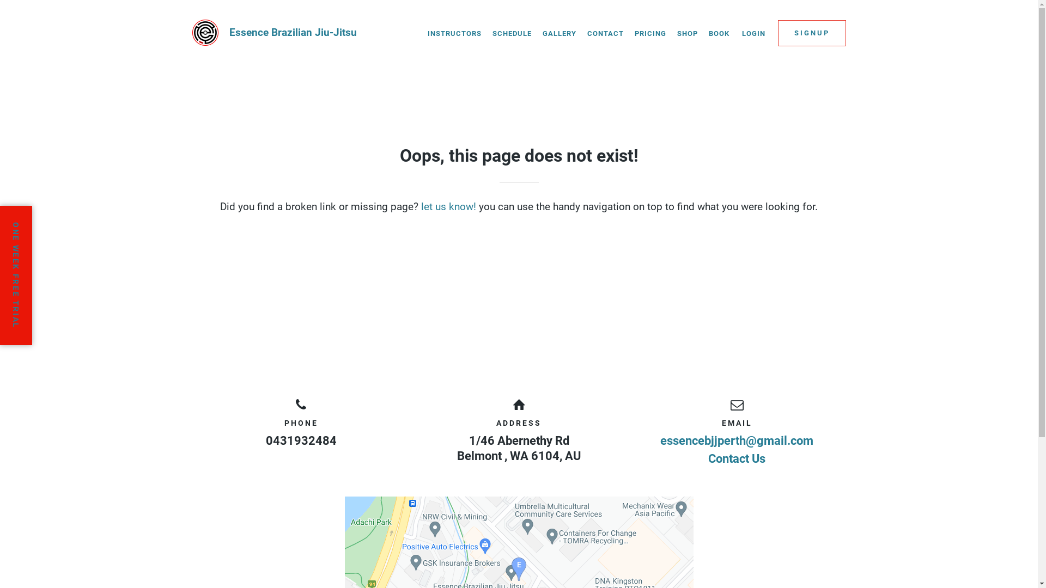 Image resolution: width=1046 pixels, height=588 pixels. Describe the element at coordinates (719, 33) in the screenshot. I see `'BOOK'` at that location.